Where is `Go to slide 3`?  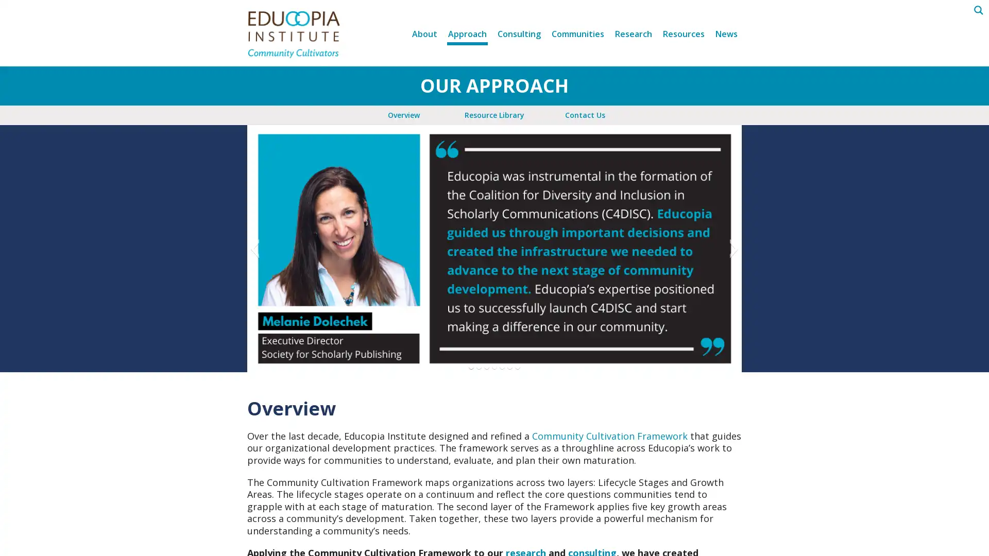
Go to slide 3 is located at coordinates (486, 366).